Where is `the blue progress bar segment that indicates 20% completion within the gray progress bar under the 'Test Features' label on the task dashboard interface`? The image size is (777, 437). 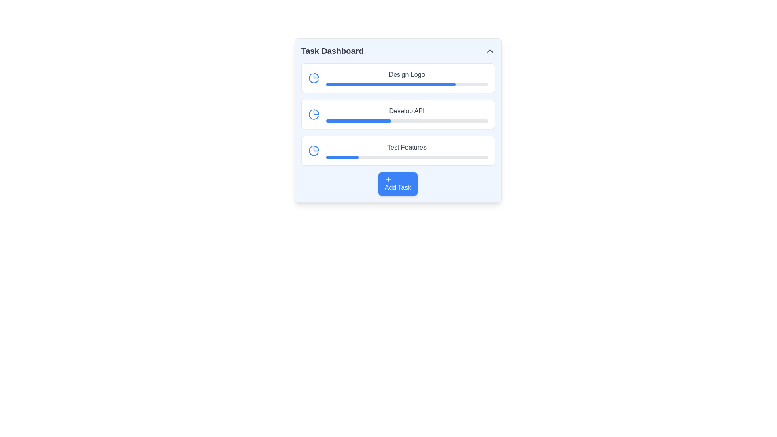 the blue progress bar segment that indicates 20% completion within the gray progress bar under the 'Test Features' label on the task dashboard interface is located at coordinates (342, 157).